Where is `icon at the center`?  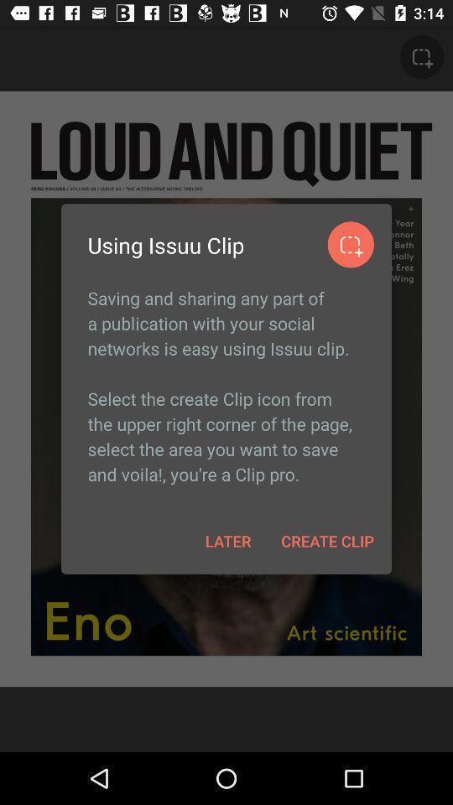
icon at the center is located at coordinates (226, 386).